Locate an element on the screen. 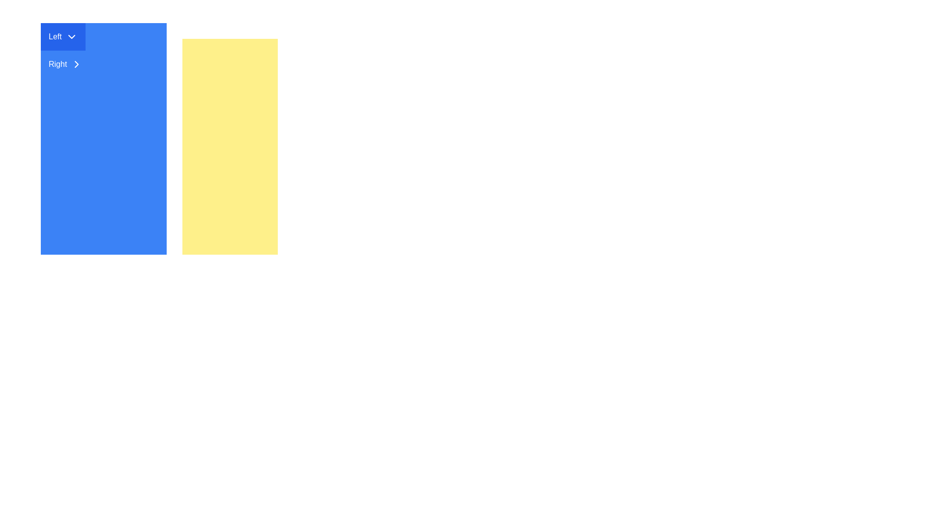  the 'Right' menu item, which is the second item in a vertical menu with a blue background and an arrow icon on the right is located at coordinates (65, 64).